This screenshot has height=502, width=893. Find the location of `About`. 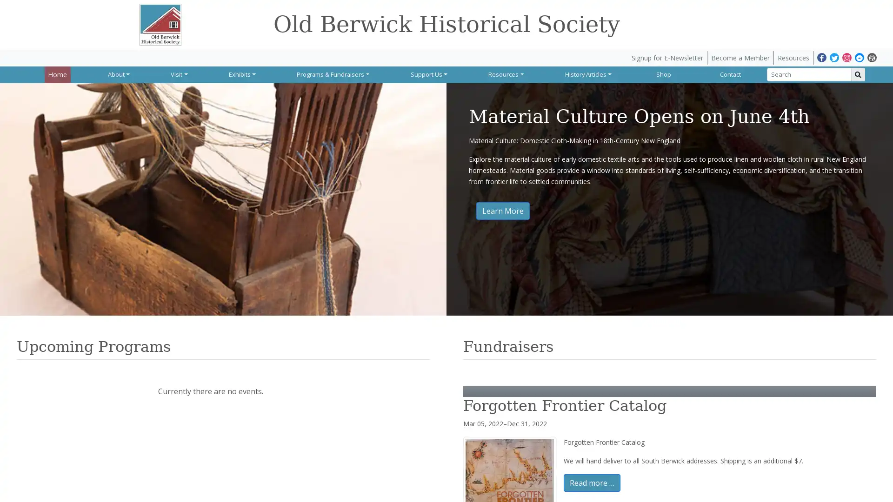

About is located at coordinates (118, 73).